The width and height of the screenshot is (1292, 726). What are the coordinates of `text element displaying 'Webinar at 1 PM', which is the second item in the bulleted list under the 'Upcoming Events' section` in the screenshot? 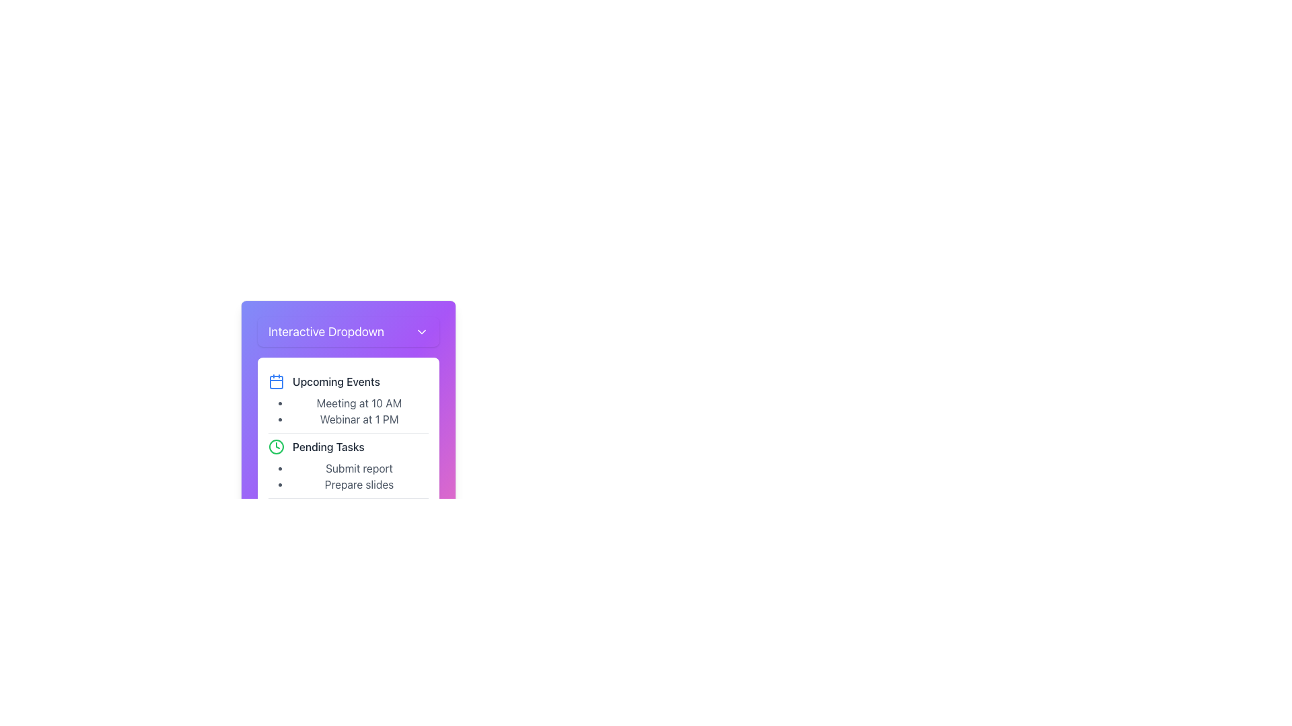 It's located at (359, 419).